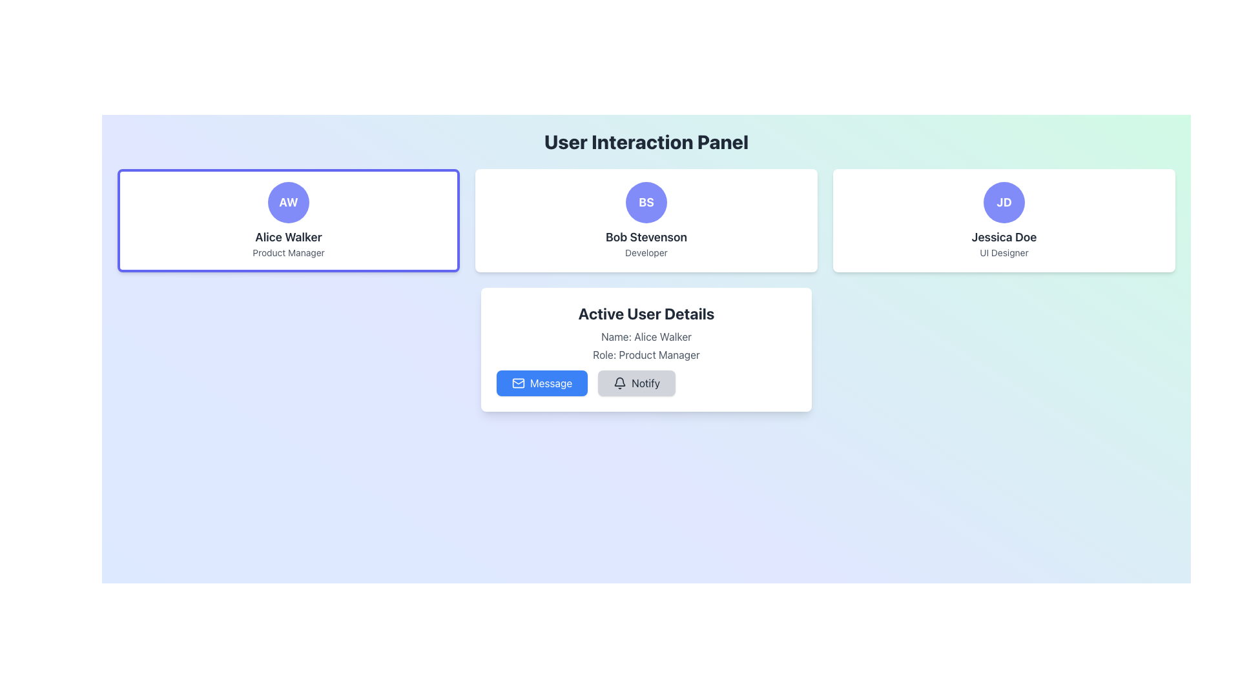 The width and height of the screenshot is (1240, 697). What do you see at coordinates (646, 383) in the screenshot?
I see `the 'Notify' button, which is a rectangular button with a bell icon and black text, located in the 'Active User Details' section, positioned to the right of the 'Message' button` at bounding box center [646, 383].